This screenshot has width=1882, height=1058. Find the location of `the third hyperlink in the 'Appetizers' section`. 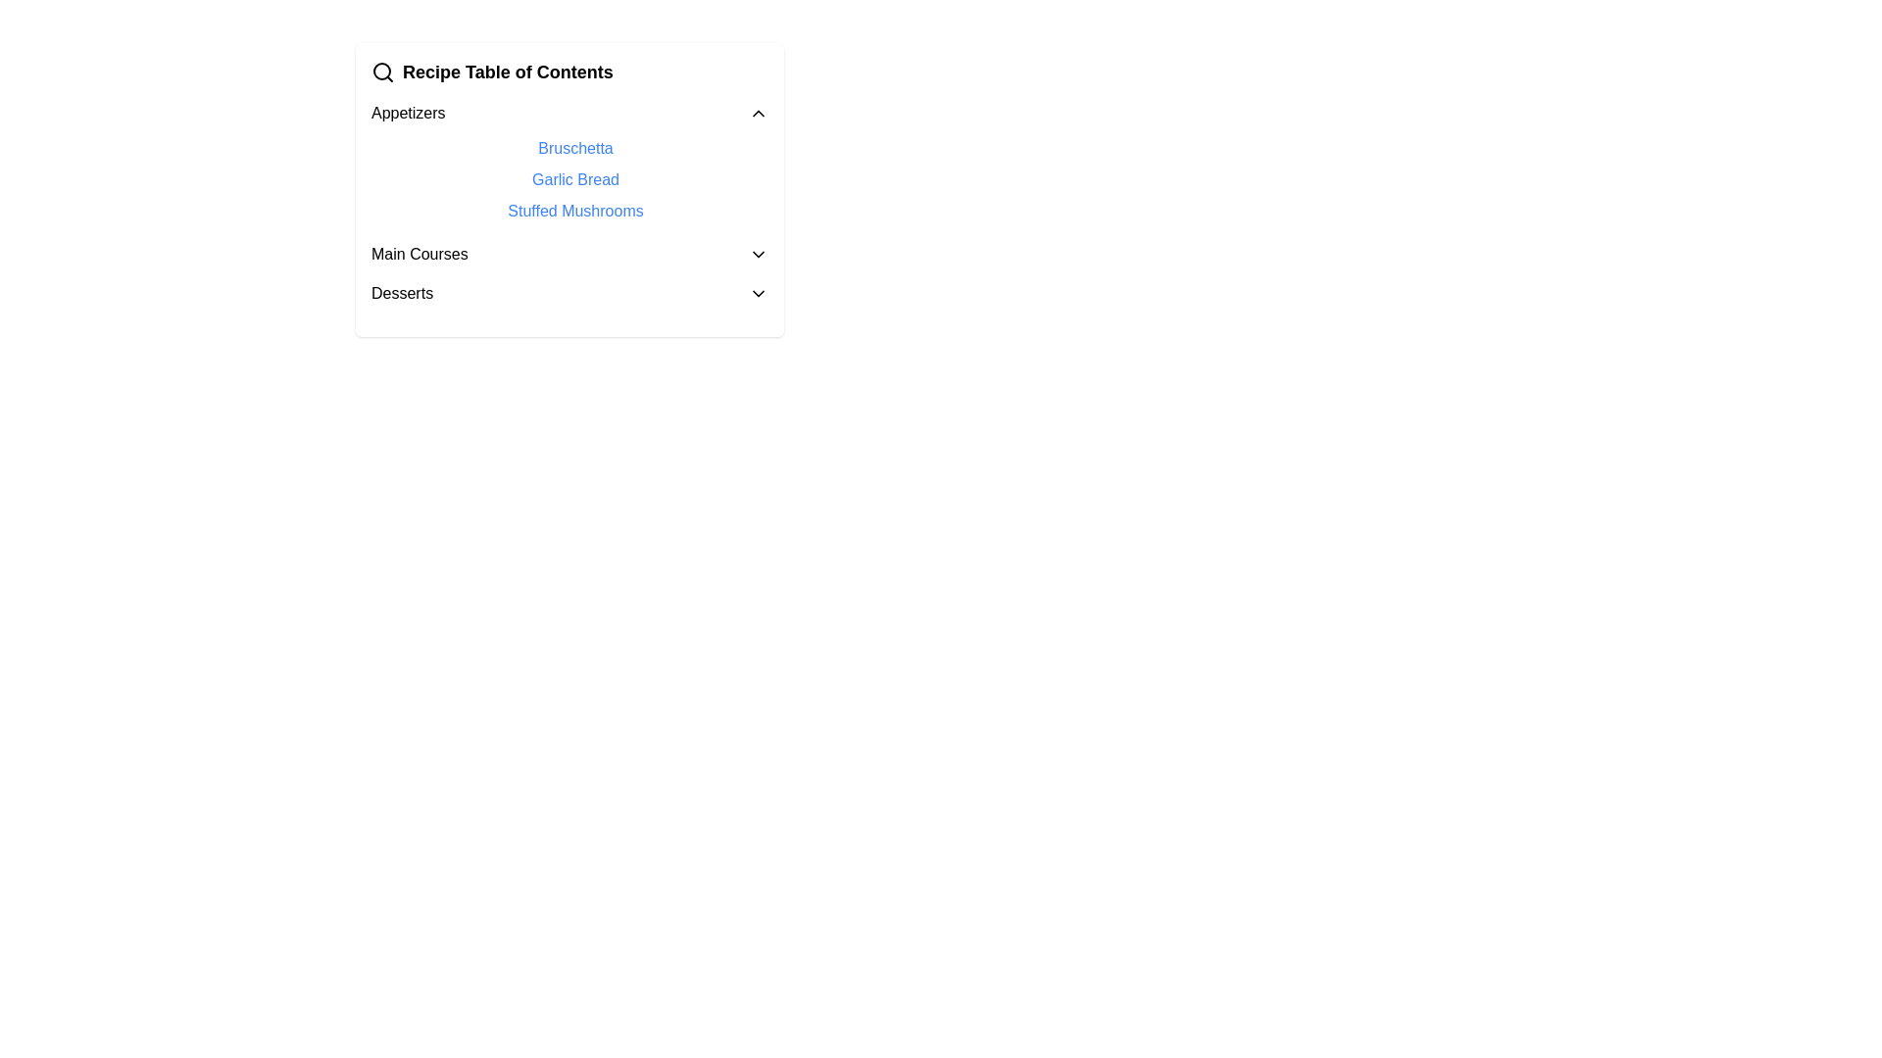

the third hyperlink in the 'Appetizers' section is located at coordinates (576, 212).